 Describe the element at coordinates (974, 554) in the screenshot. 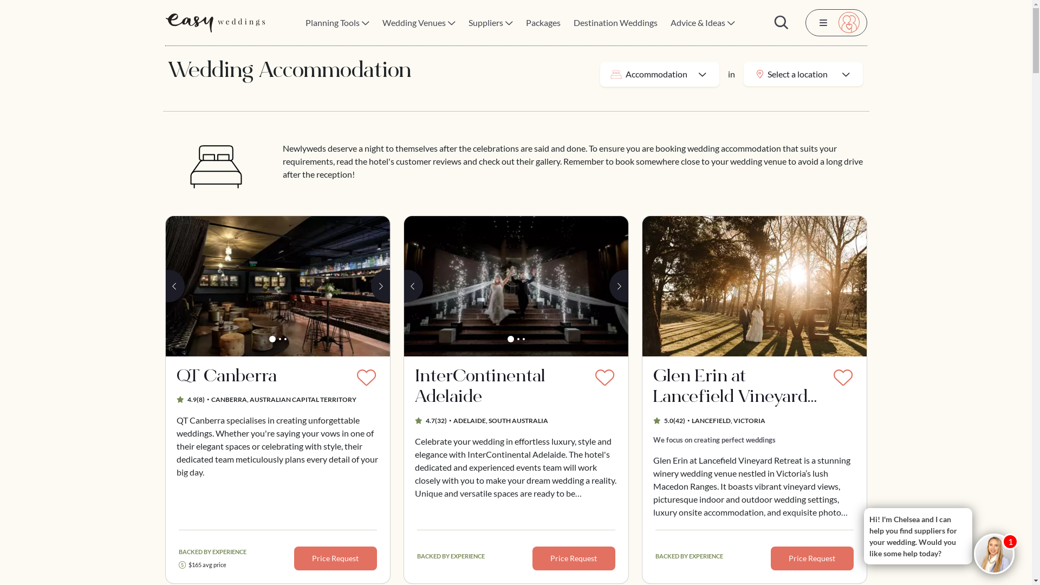

I see `'Chelseabot'` at that location.